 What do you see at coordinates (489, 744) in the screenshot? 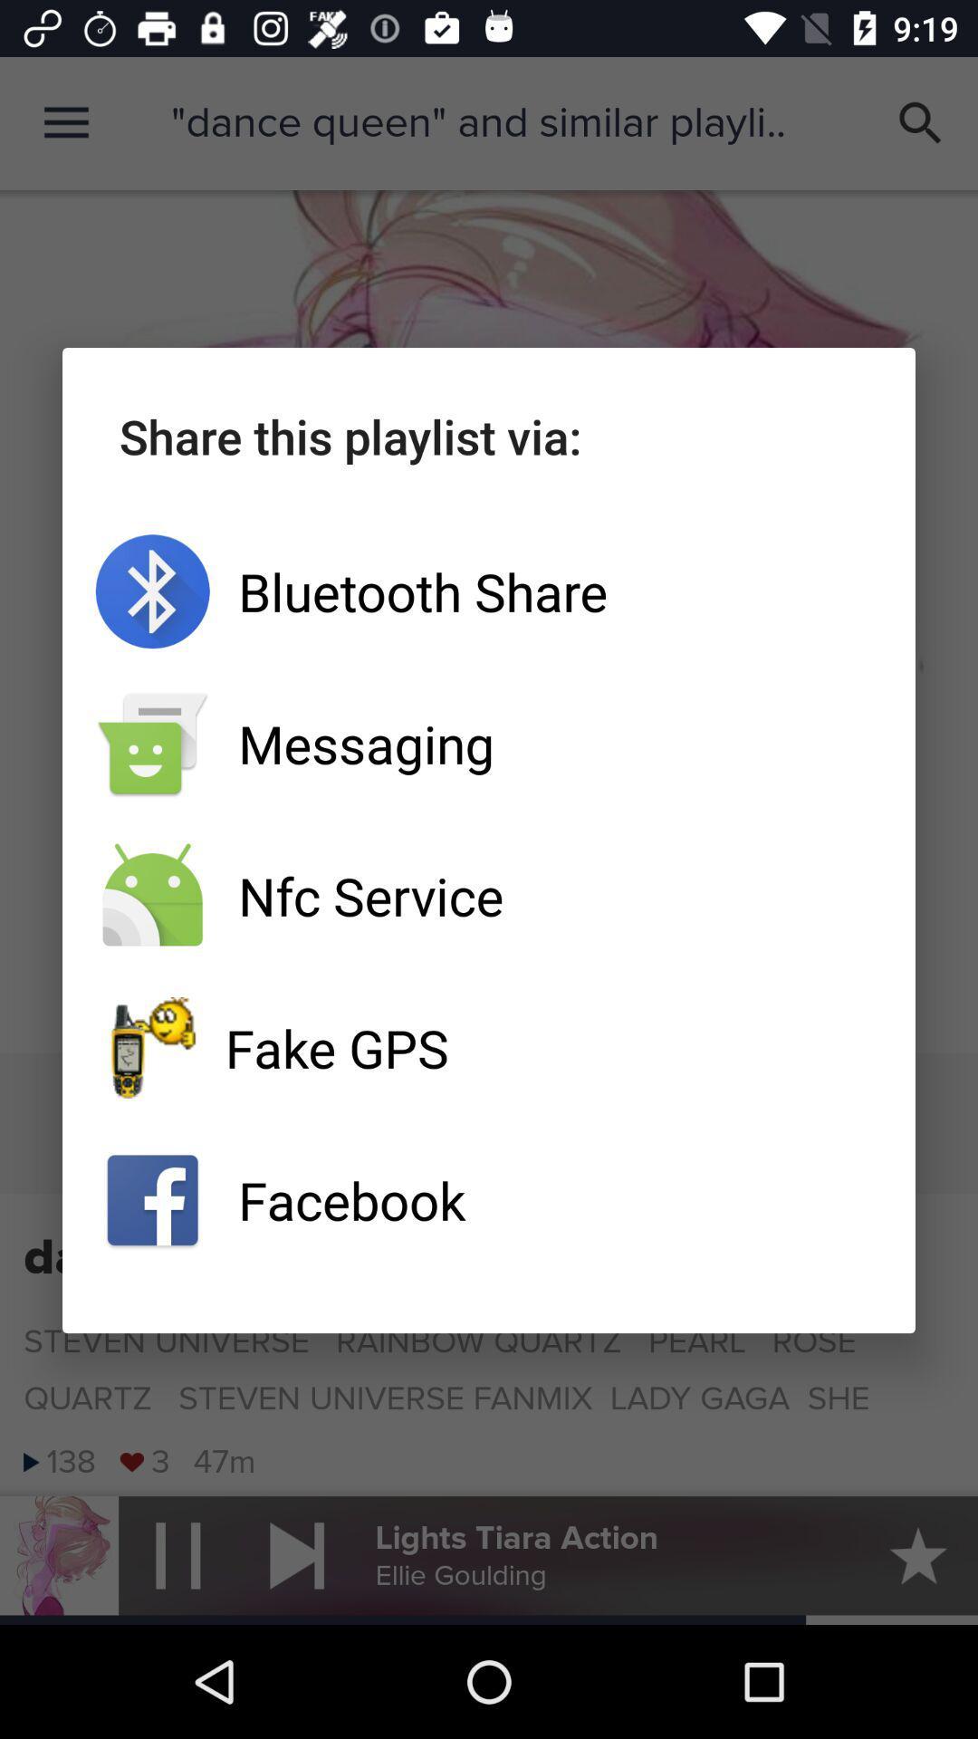
I see `messaging` at bounding box center [489, 744].